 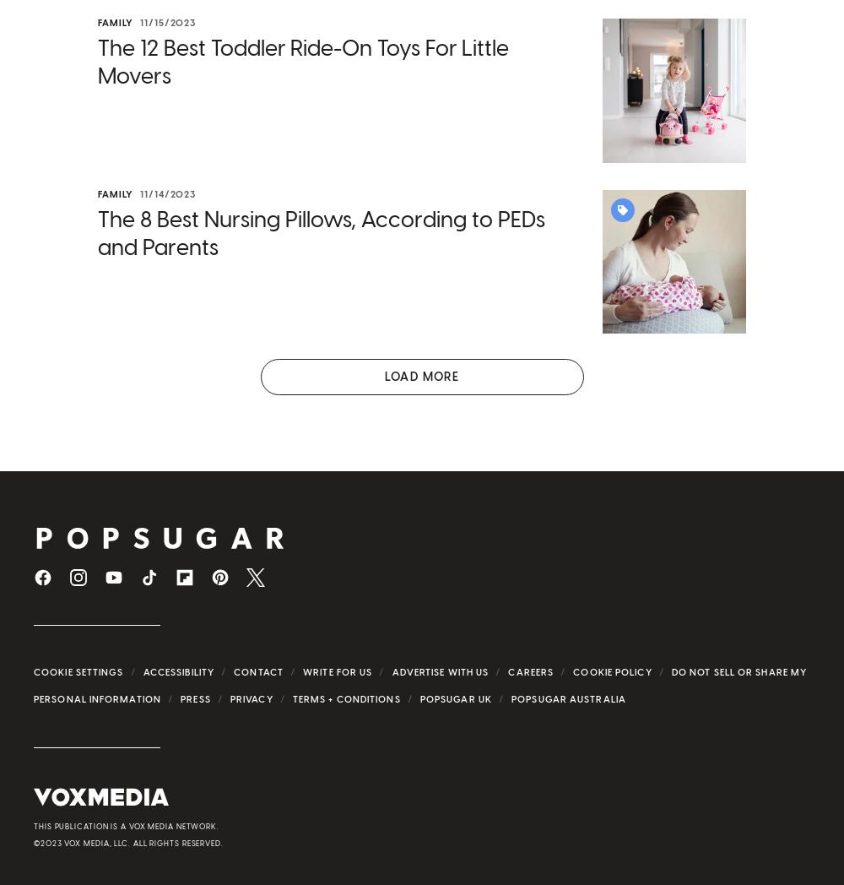 What do you see at coordinates (468, 452) in the screenshot?
I see `'Dependent Care Flexible Spending Account'` at bounding box center [468, 452].